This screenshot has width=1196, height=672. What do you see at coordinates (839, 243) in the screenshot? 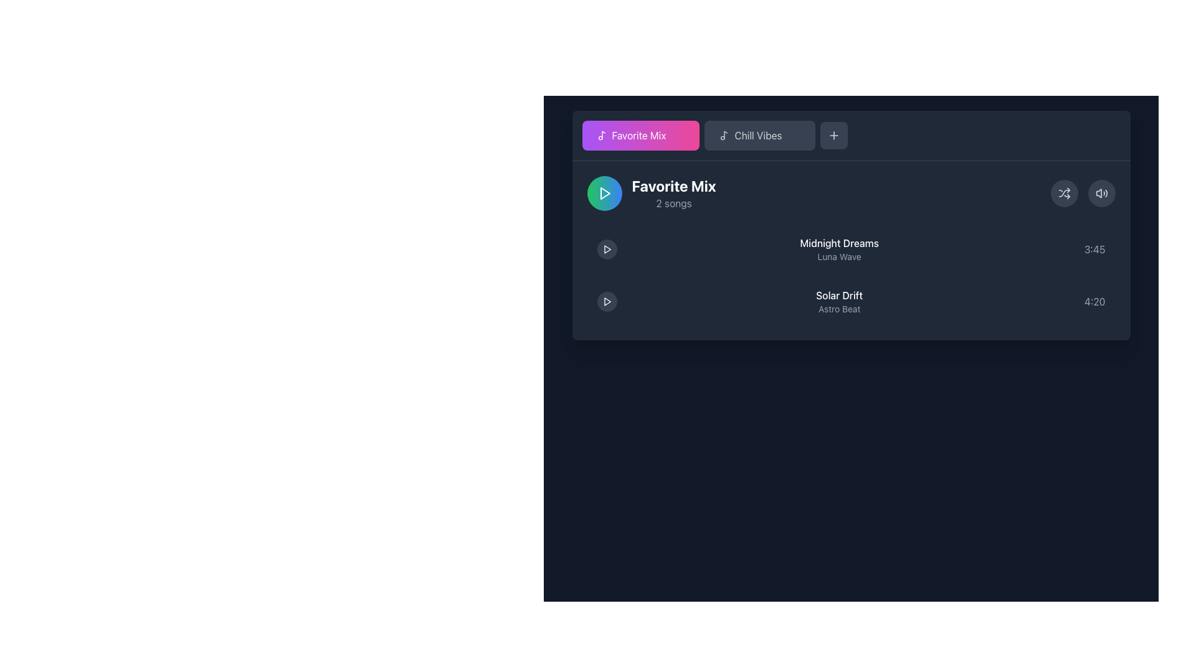
I see `the text label displaying 'Midnight Dreams' in white, positioned at the center of the song information section` at bounding box center [839, 243].